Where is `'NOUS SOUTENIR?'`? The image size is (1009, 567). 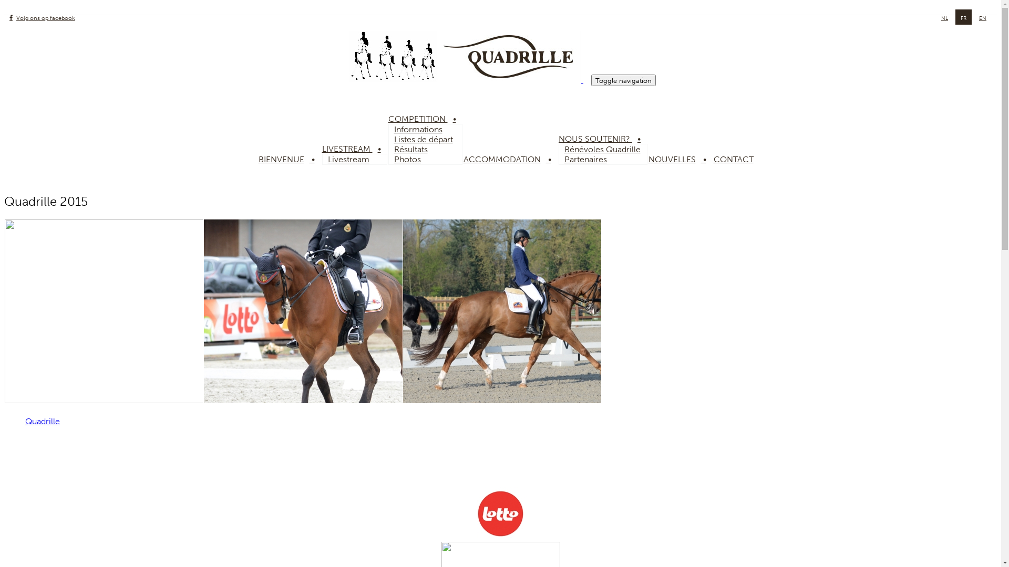
'NOUS SOUTENIR?' is located at coordinates (602, 138).